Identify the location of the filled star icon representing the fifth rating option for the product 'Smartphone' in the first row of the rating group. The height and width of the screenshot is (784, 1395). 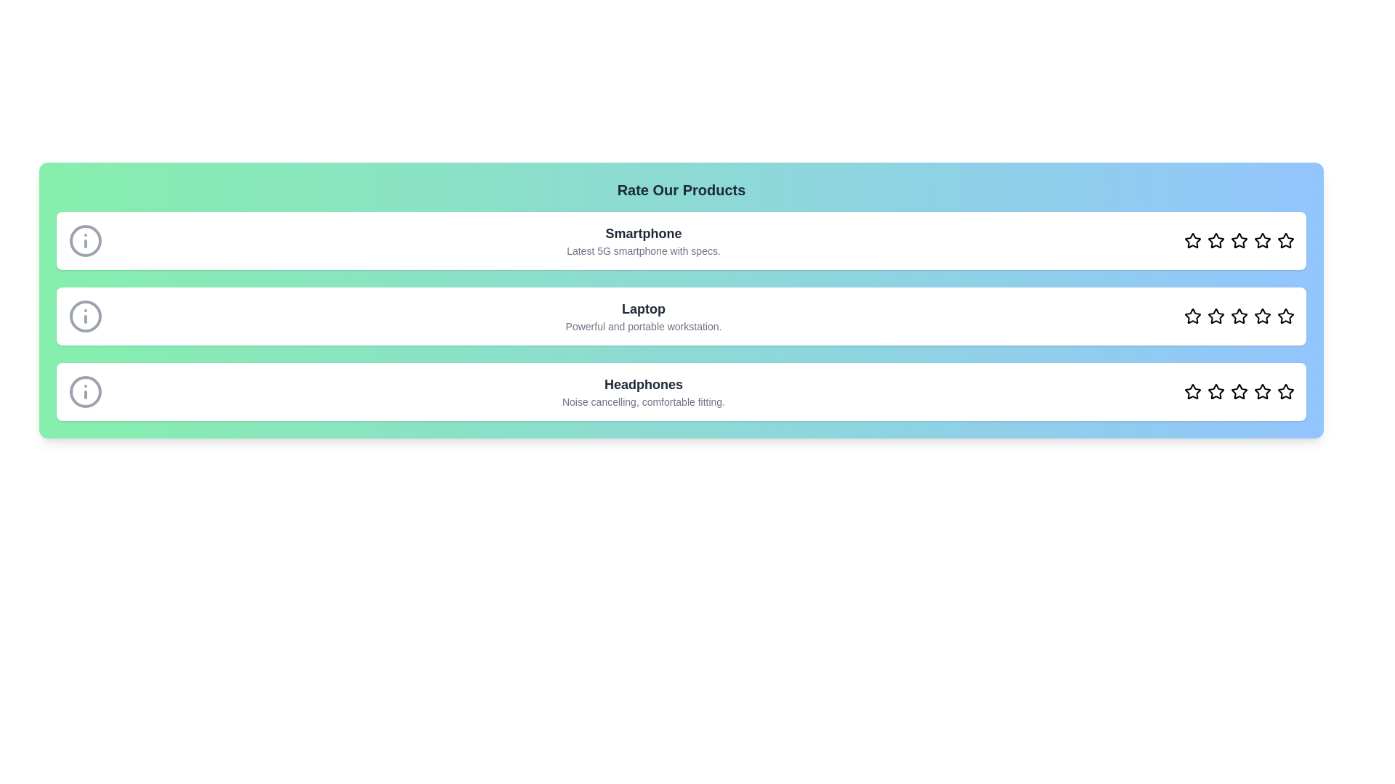
(1261, 240).